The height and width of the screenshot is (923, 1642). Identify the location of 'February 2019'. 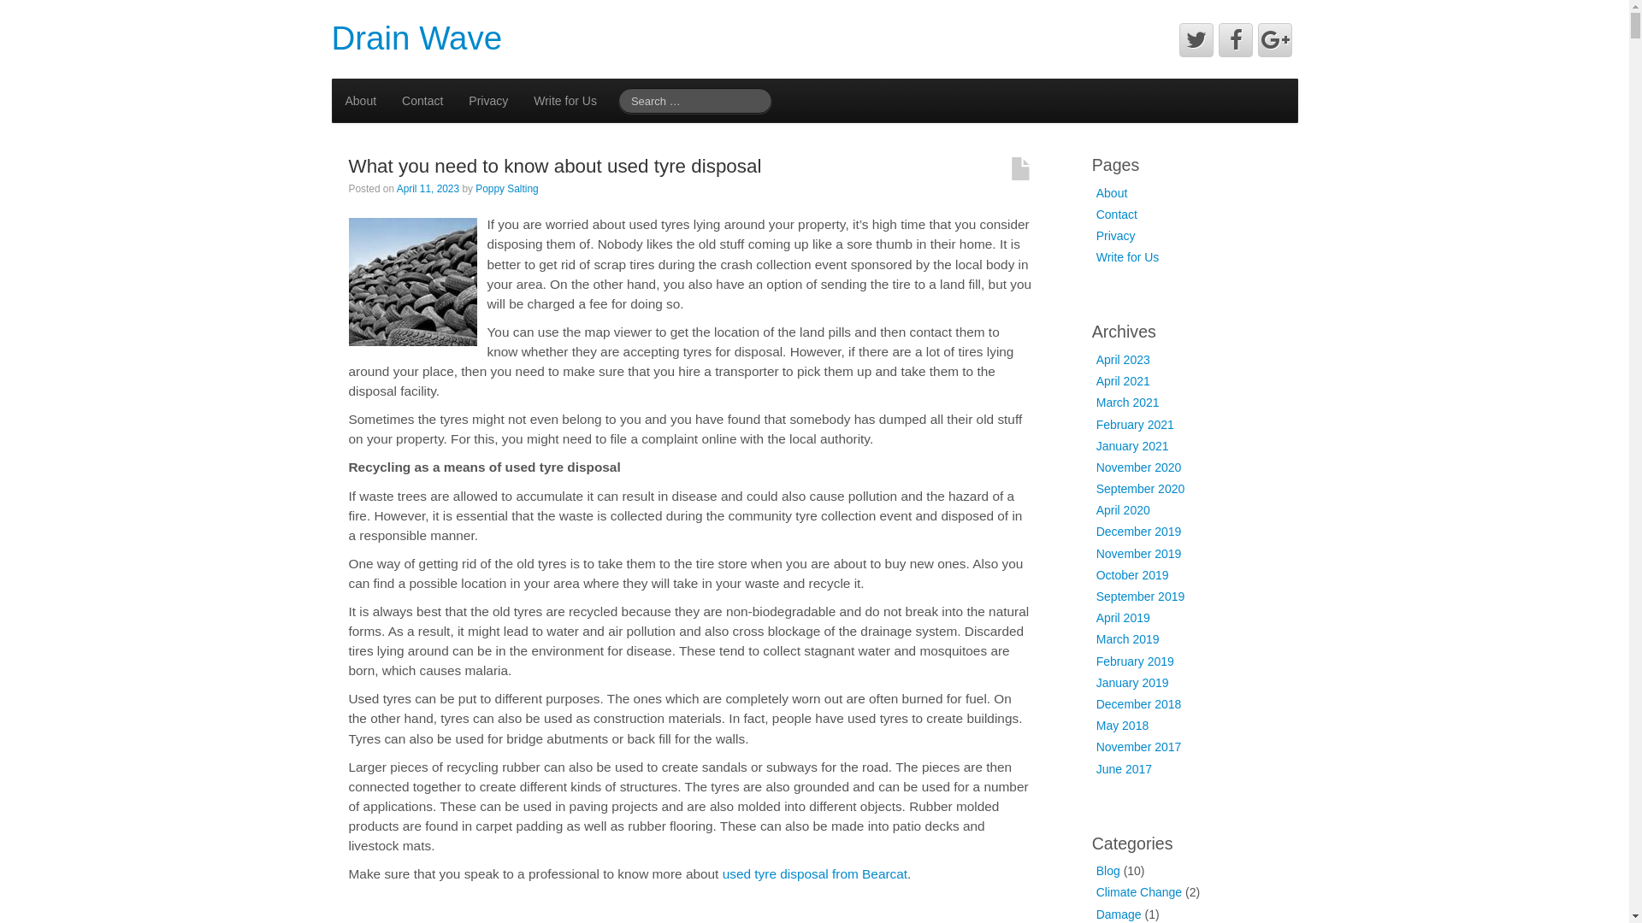
(1135, 661).